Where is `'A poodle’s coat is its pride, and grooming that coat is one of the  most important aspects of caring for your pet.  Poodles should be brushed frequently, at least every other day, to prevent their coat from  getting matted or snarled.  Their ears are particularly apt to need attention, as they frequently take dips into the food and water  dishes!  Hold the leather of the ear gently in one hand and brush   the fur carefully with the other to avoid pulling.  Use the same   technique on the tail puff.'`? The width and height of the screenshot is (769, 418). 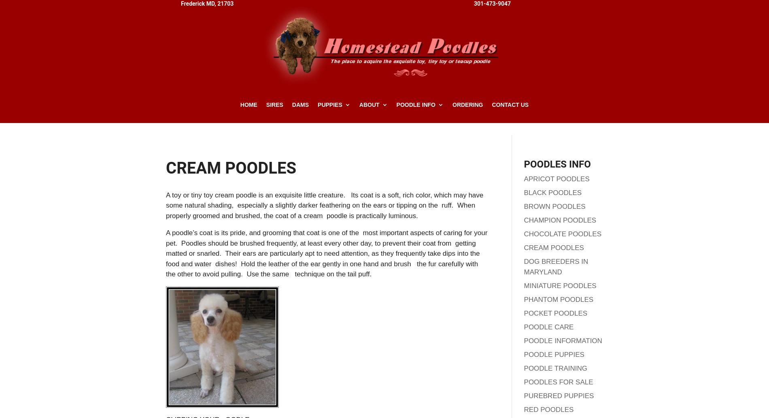
'A poodle’s coat is its pride, and grooming that coat is one of the  most important aspects of caring for your pet.  Poodles should be brushed frequently, at least every other day, to prevent their coat from  getting matted or snarled.  Their ears are particularly apt to need attention, as they frequently take dips into the food and water  dishes!  Hold the leather of the ear gently in one hand and brush   the fur carefully with the other to avoid pulling.  Use the same   technique on the tail puff.' is located at coordinates (326, 253).